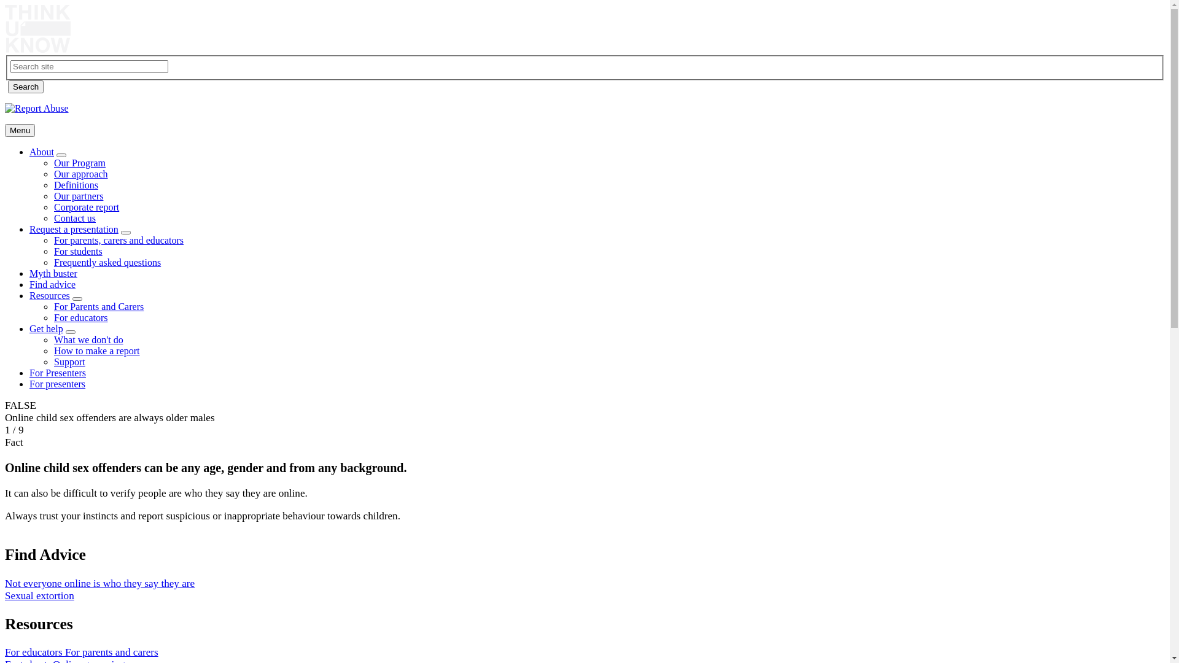  Describe the element at coordinates (39, 595) in the screenshot. I see `'Sexual extortion'` at that location.